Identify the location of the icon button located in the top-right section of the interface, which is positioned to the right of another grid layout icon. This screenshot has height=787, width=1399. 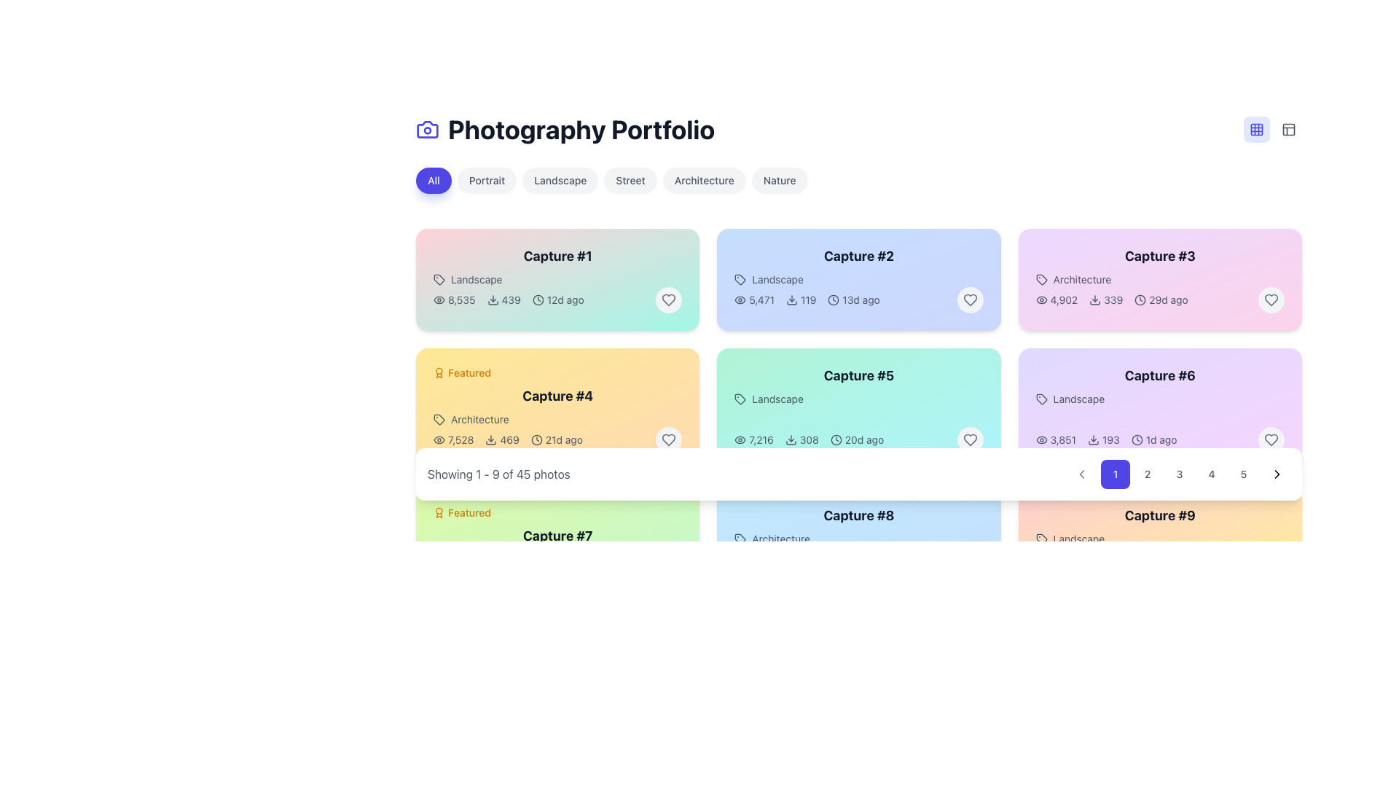
(1289, 128).